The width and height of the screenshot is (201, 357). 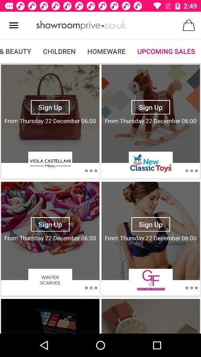 I want to click on three consecutive circles, so click(x=91, y=171).